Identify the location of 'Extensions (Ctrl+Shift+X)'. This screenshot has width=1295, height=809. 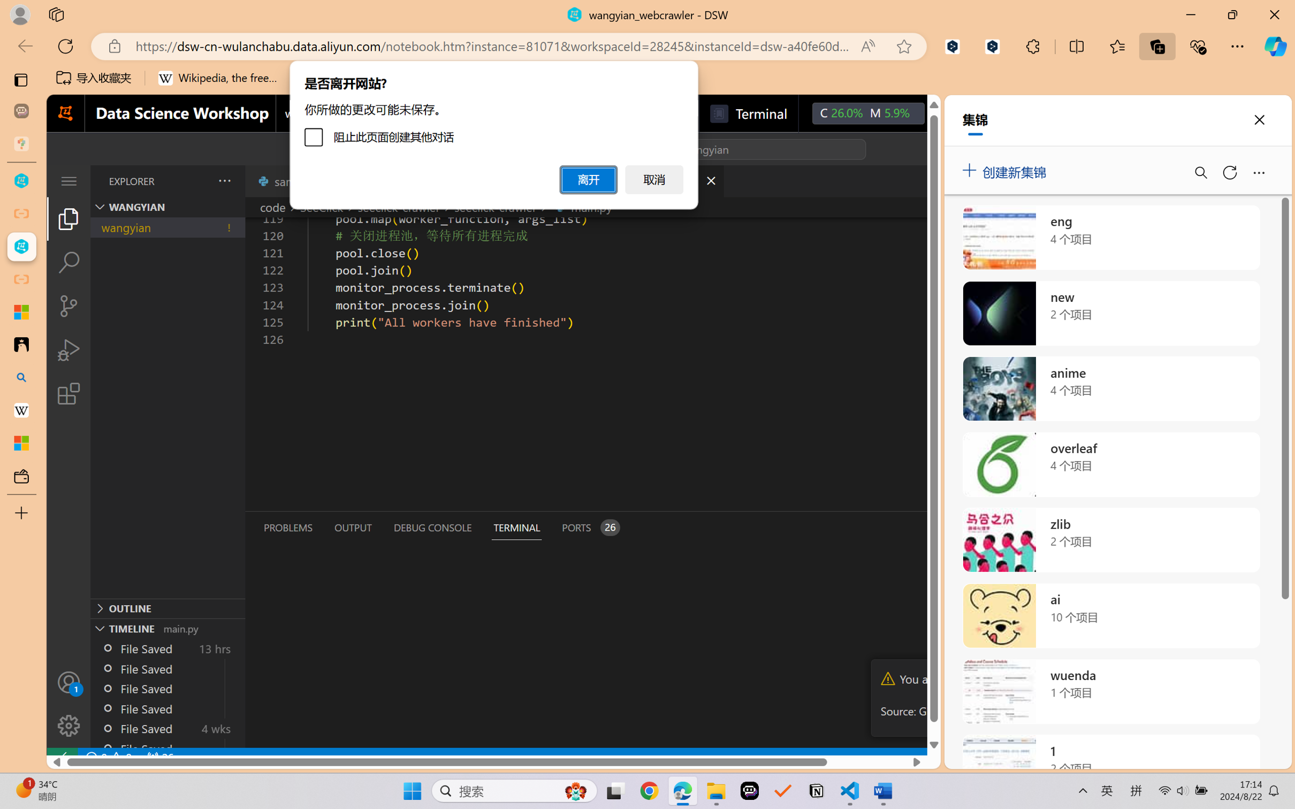
(68, 393).